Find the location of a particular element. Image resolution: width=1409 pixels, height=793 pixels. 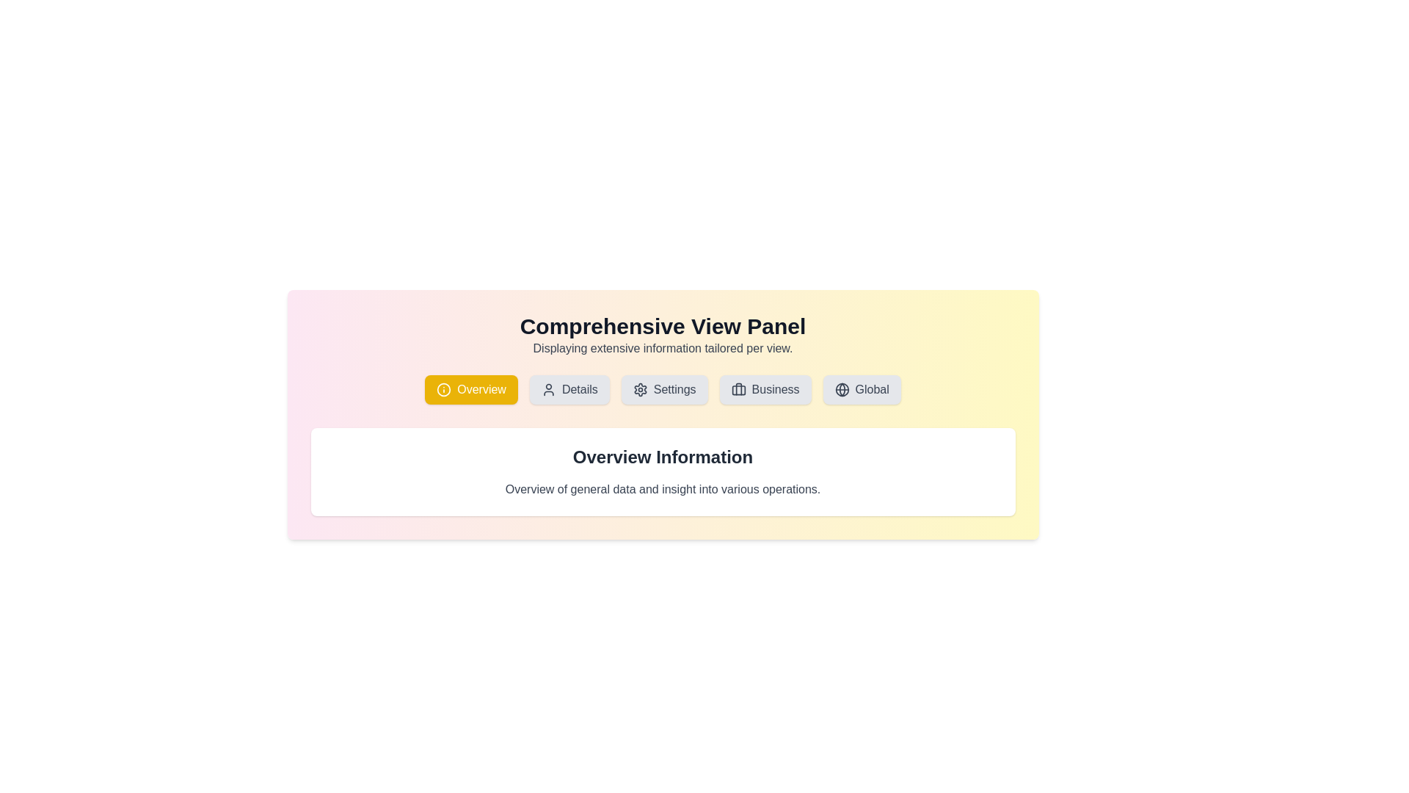

the third button in a row of options is located at coordinates (663, 389).